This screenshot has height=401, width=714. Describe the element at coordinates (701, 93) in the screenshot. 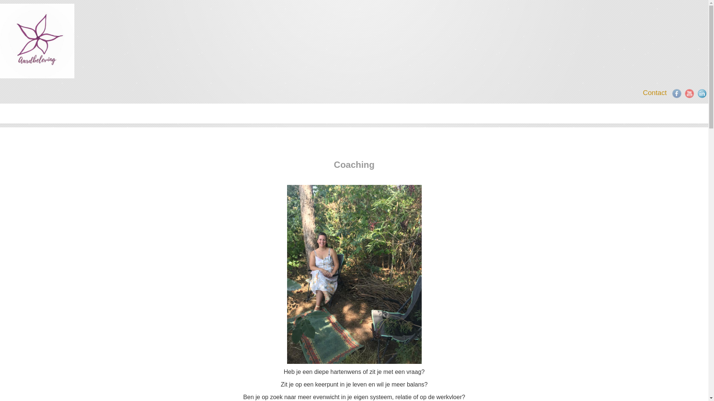

I see `'LinkedIn'` at that location.